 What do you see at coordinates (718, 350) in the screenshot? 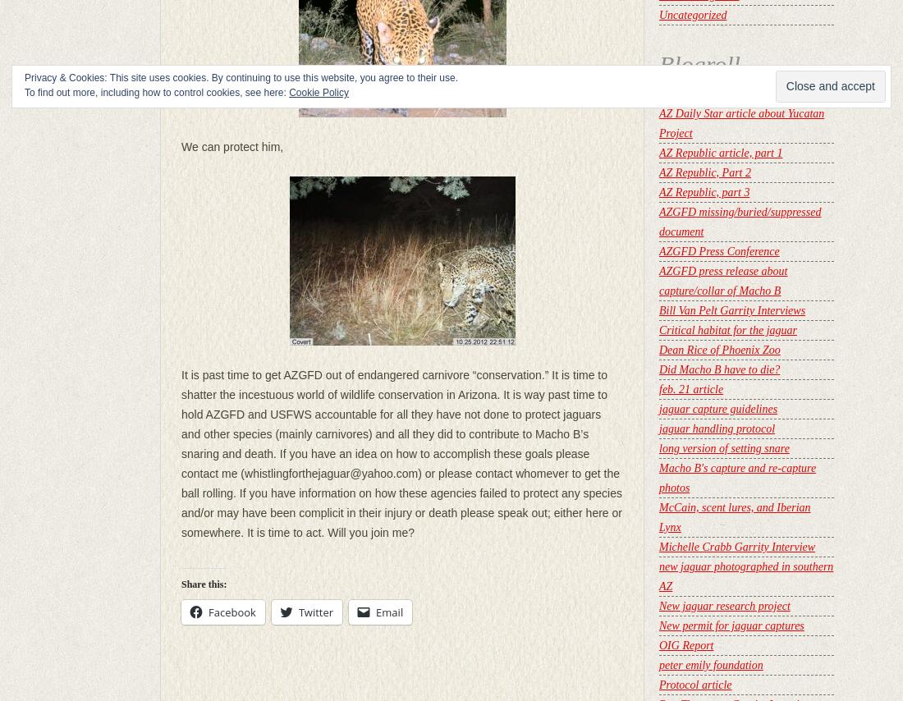
I see `'Dean Rice of Phoenix Zoo'` at bounding box center [718, 350].